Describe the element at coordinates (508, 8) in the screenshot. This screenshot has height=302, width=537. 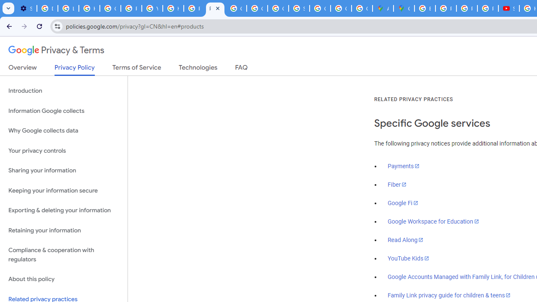
I see `'Subscriptions - YouTube'` at that location.